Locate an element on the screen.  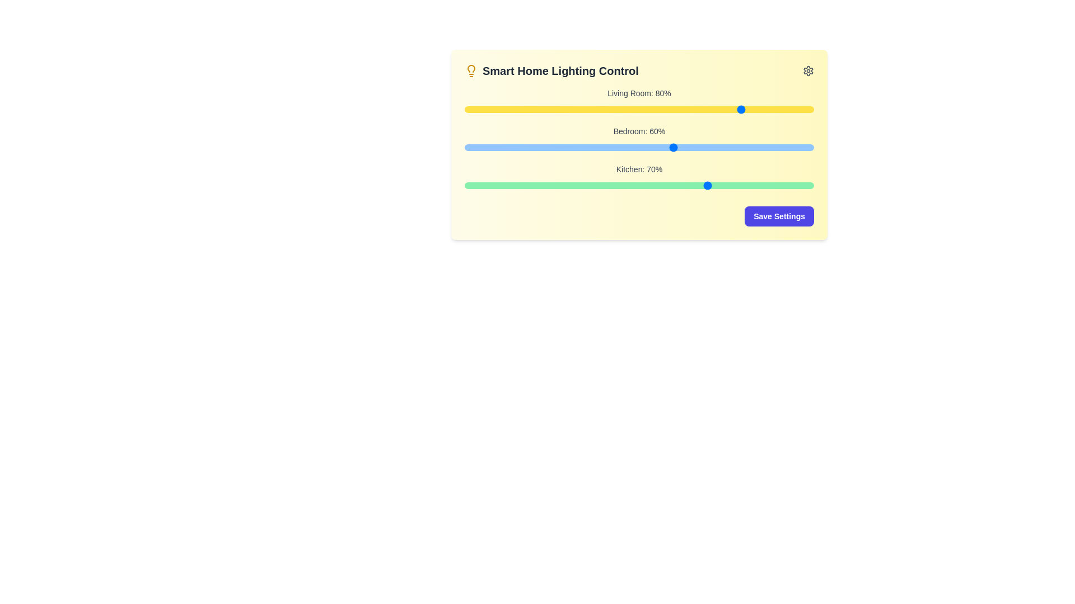
the yellow lightbulb icon located above the 'Smart Home Lighting Control' text is located at coordinates (471, 69).